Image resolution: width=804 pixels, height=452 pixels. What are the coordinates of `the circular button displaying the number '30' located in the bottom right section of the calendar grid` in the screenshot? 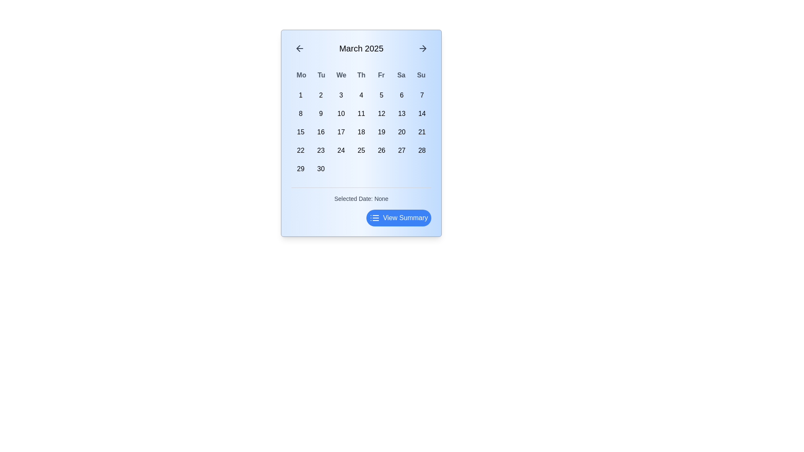 It's located at (320, 169).